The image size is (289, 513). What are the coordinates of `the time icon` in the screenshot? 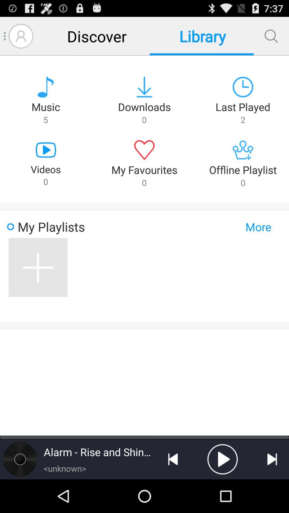 It's located at (20, 491).